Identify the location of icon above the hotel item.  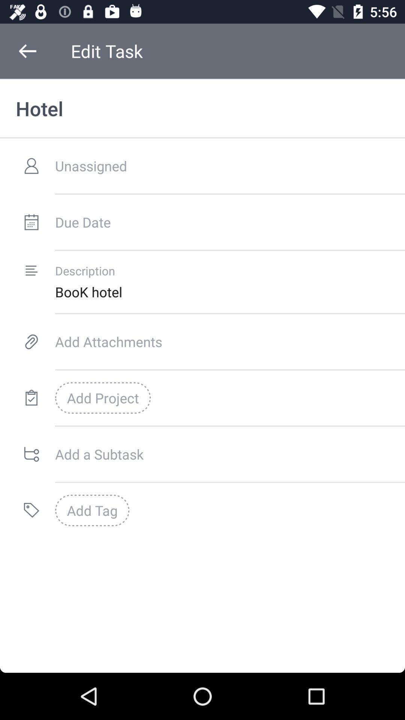
(27, 51).